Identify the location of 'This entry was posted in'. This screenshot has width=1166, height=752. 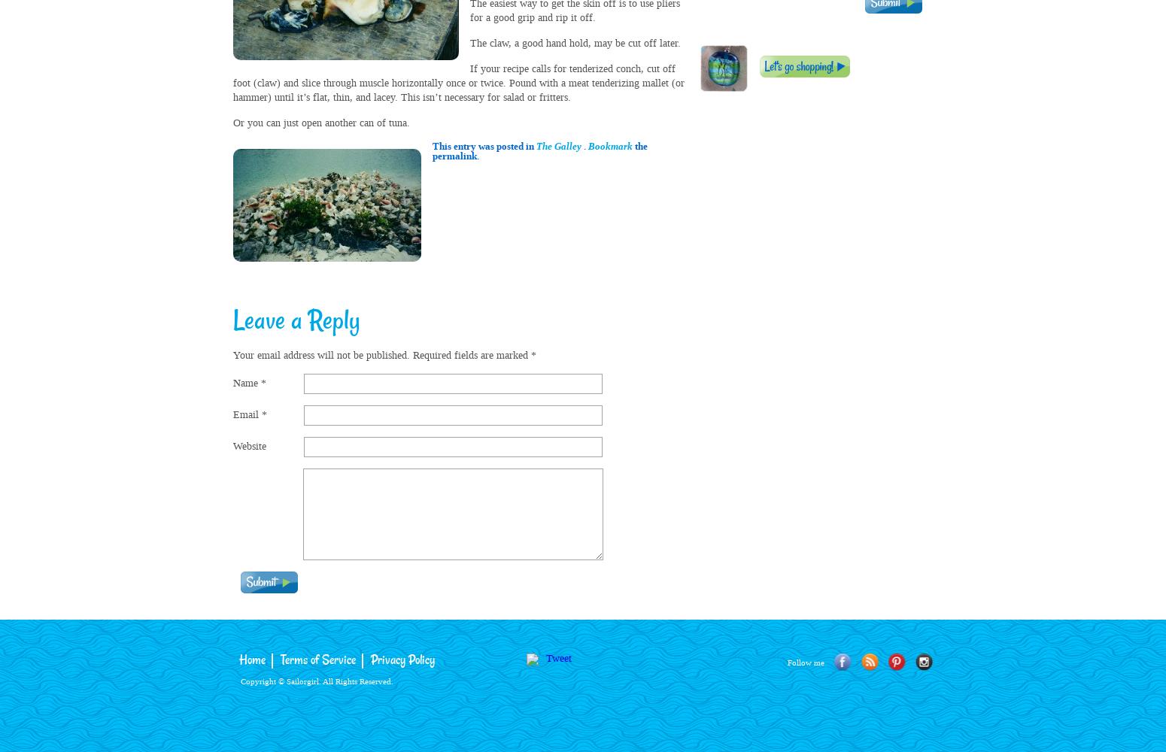
(484, 145).